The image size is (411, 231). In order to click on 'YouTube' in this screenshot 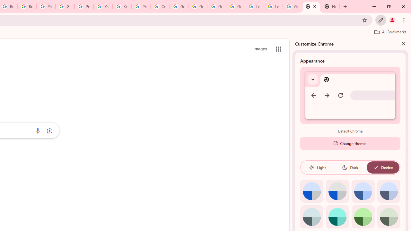, I will do `click(103, 6)`.